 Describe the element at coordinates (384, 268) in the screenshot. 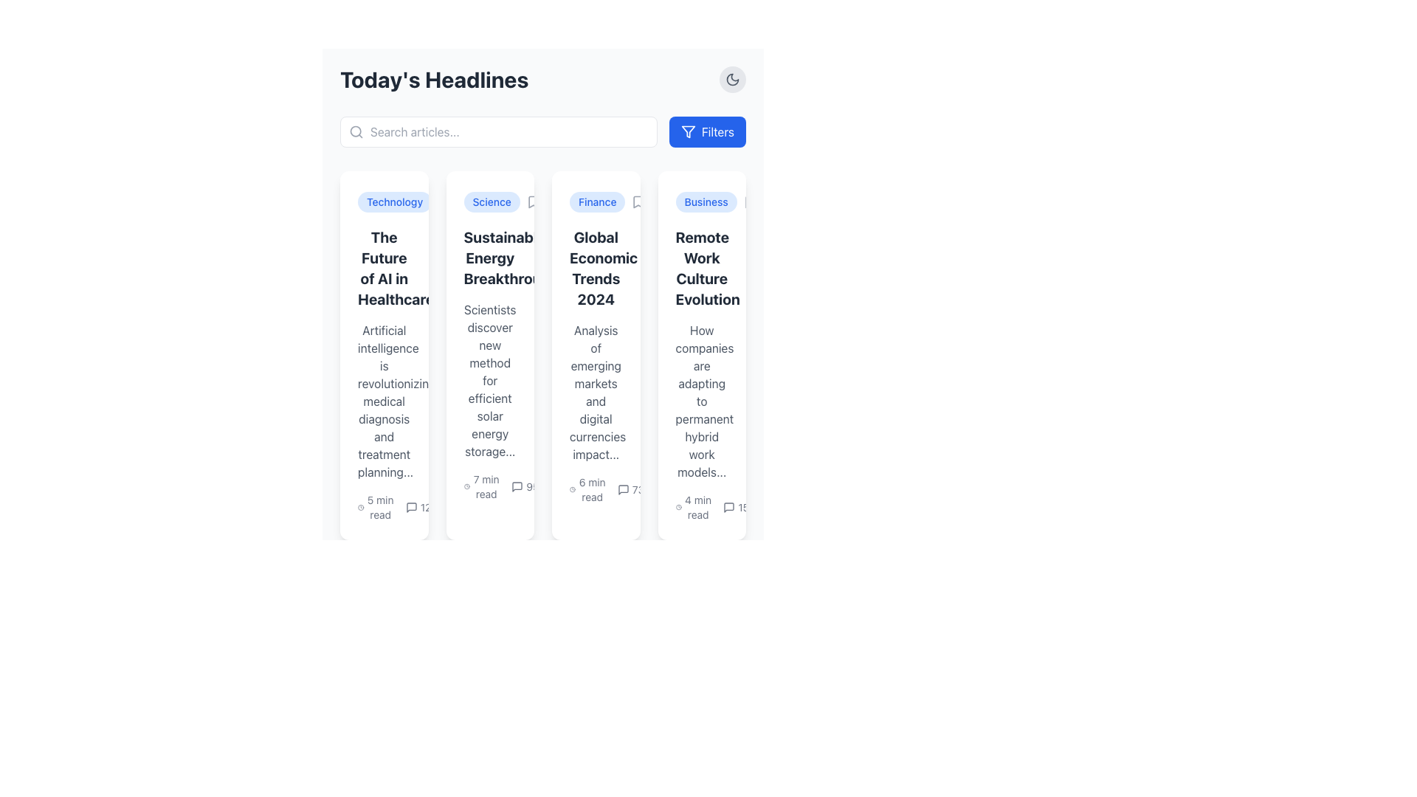

I see `the Text Label that serves as the headline for the first article, located beneath the 'Technology' label in the article column` at that location.